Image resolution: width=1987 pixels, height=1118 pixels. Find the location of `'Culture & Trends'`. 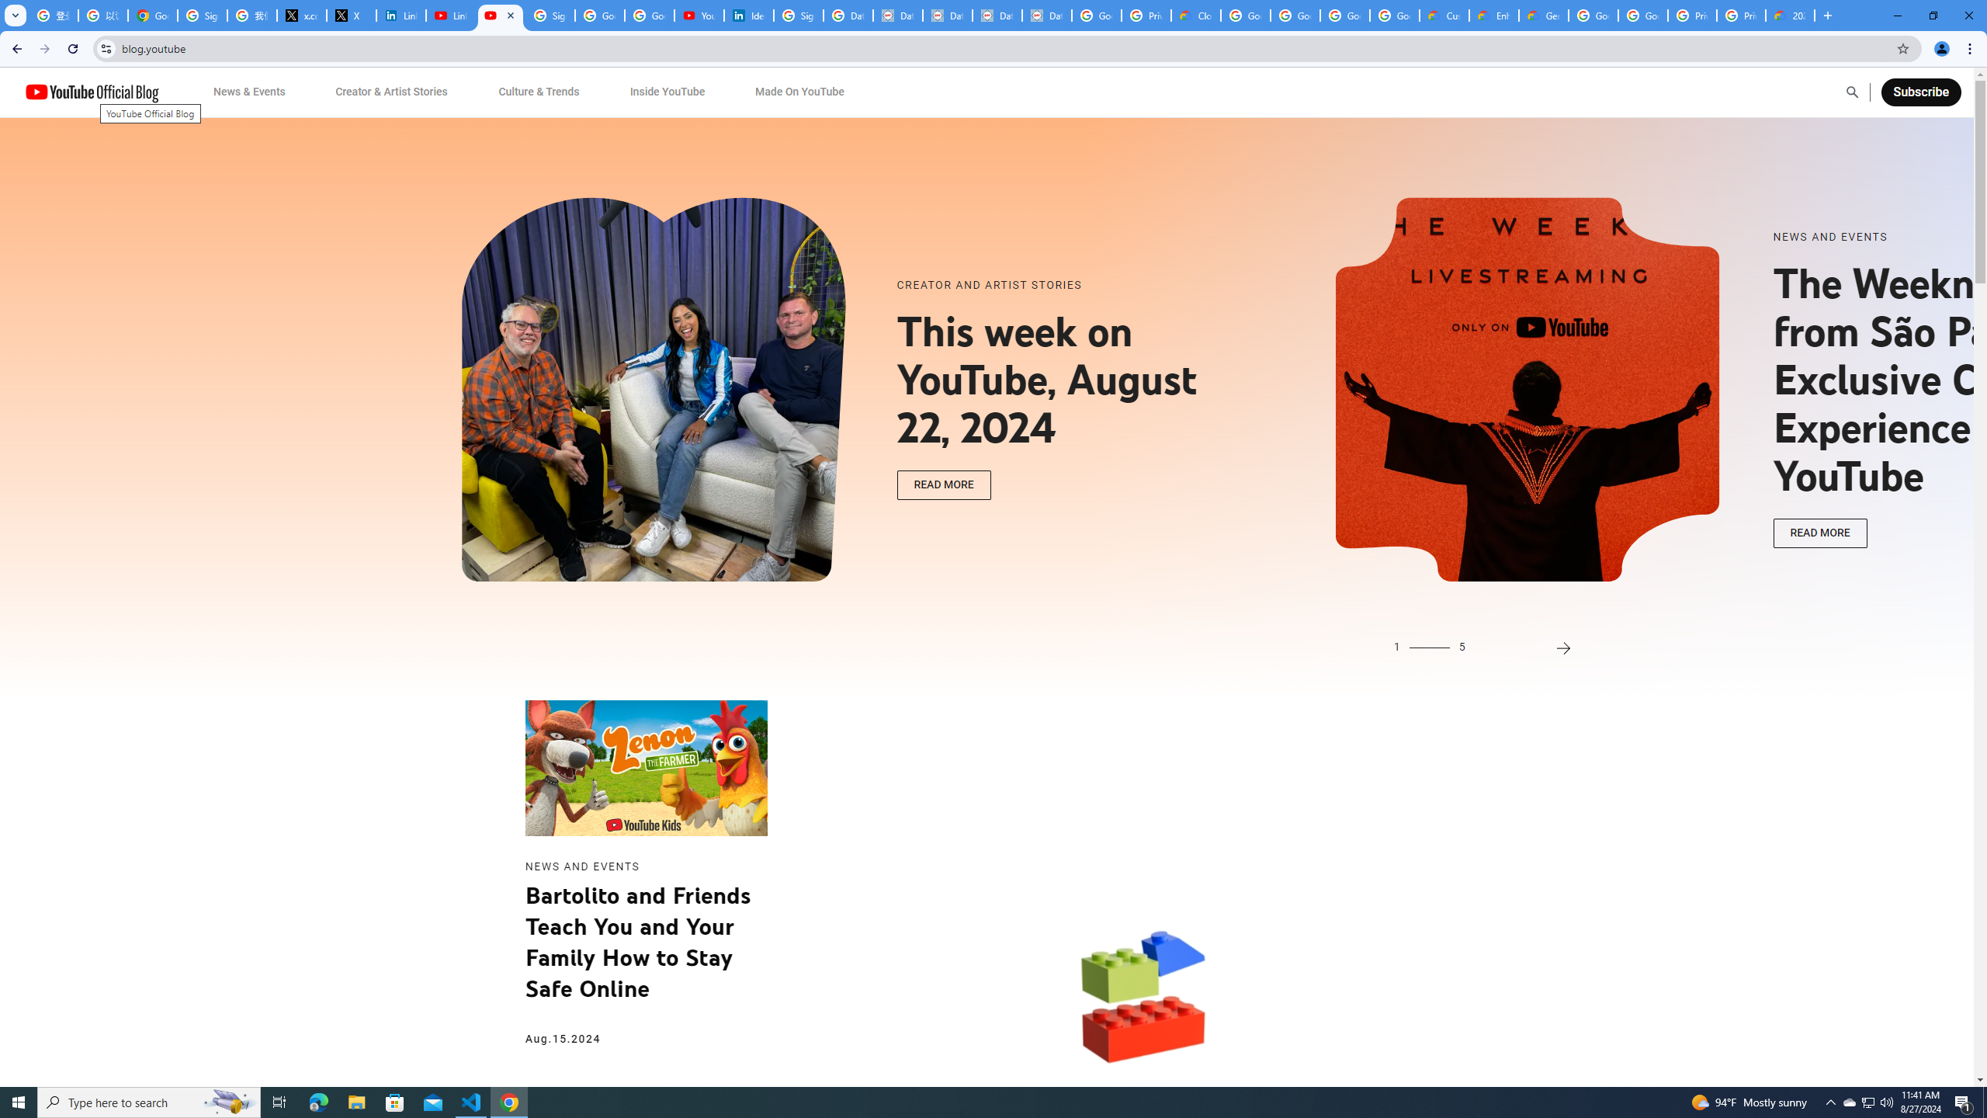

'Culture & Trends' is located at coordinates (539, 92).